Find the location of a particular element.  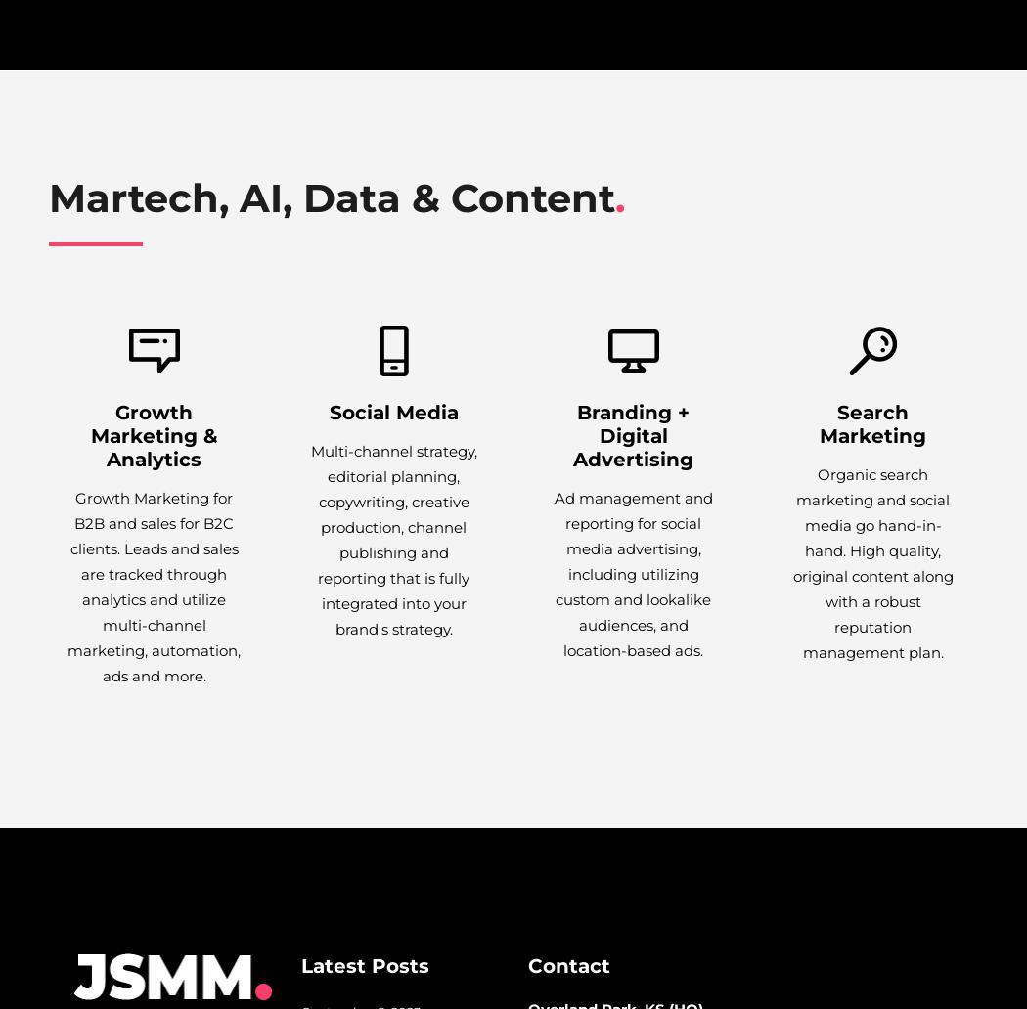

'Martech, AI, Data & Content' is located at coordinates (331, 197).